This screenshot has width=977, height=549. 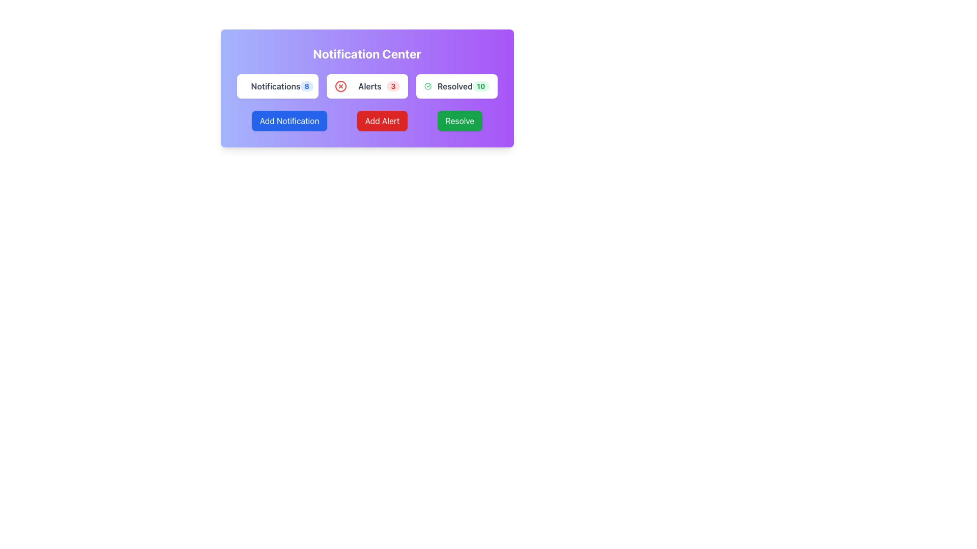 I want to click on the text label and badge on the first Card element in the grid that summarizes notifications, indicating the count of unread or pending notifications, so click(x=277, y=85).